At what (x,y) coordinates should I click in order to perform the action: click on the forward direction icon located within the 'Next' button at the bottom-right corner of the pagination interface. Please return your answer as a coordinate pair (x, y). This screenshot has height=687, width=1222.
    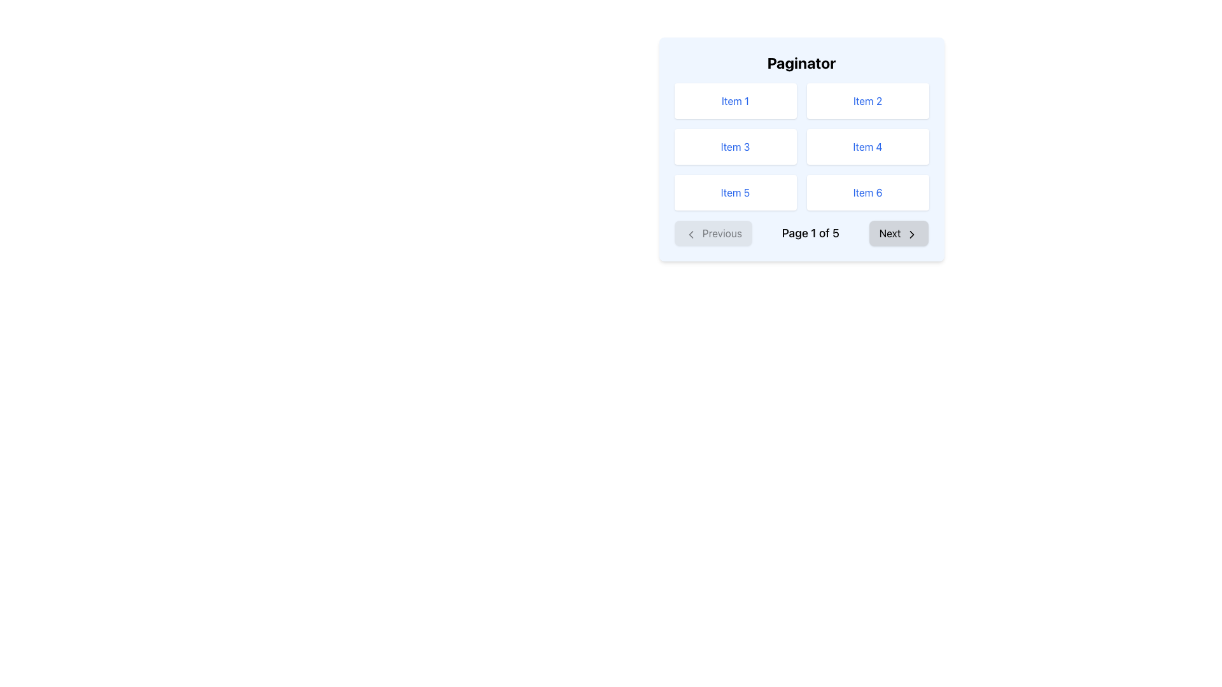
    Looking at the image, I should click on (911, 234).